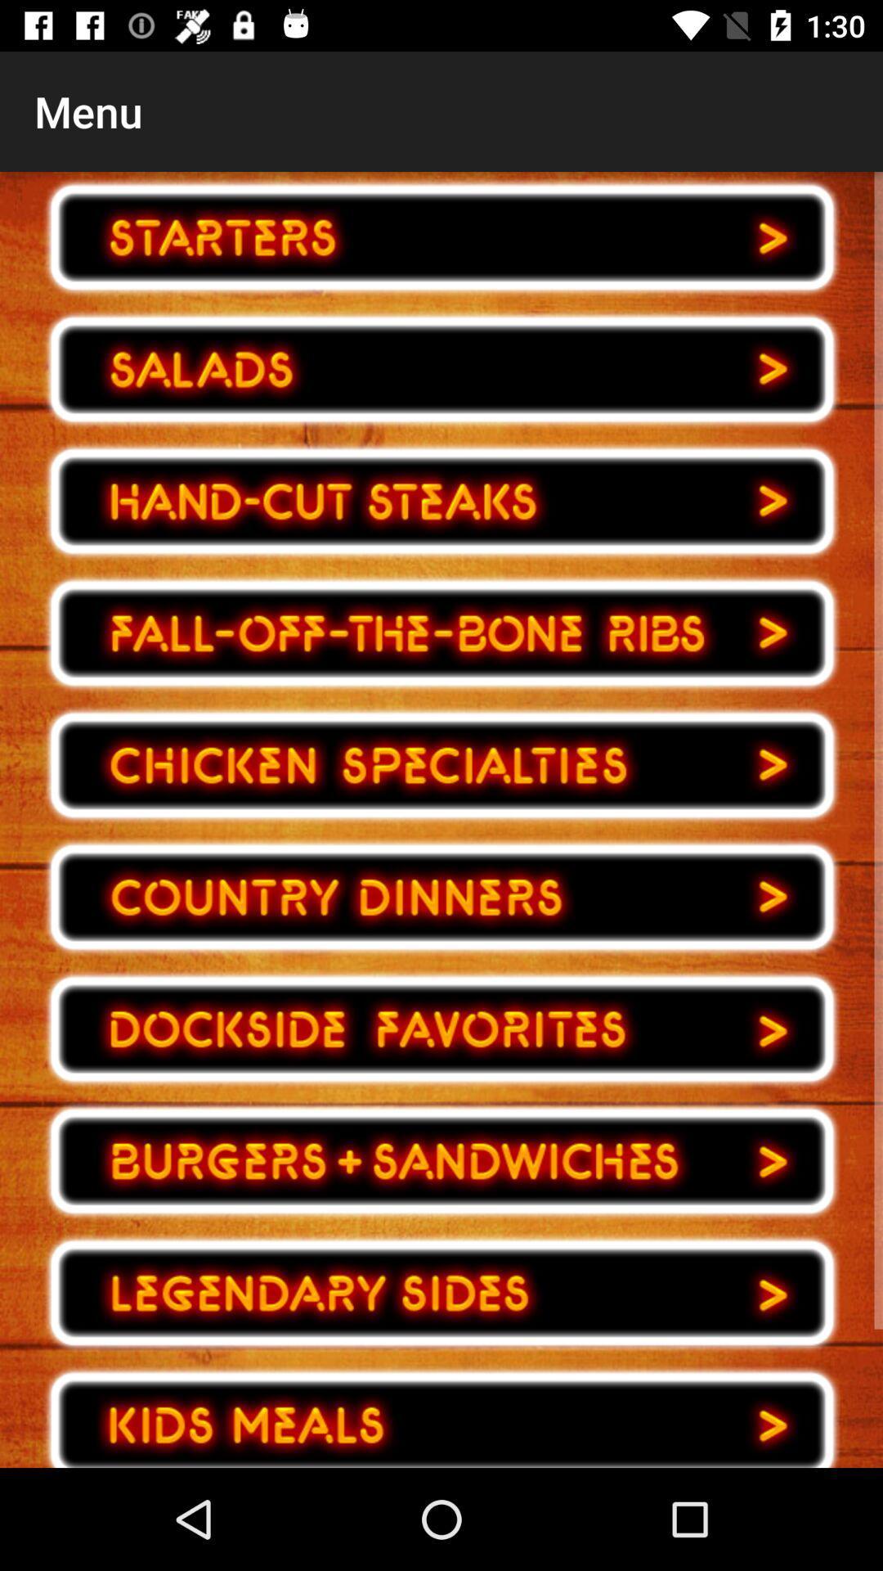 This screenshot has height=1571, width=883. What do you see at coordinates (441, 1029) in the screenshot?
I see `view dockside favourites` at bounding box center [441, 1029].